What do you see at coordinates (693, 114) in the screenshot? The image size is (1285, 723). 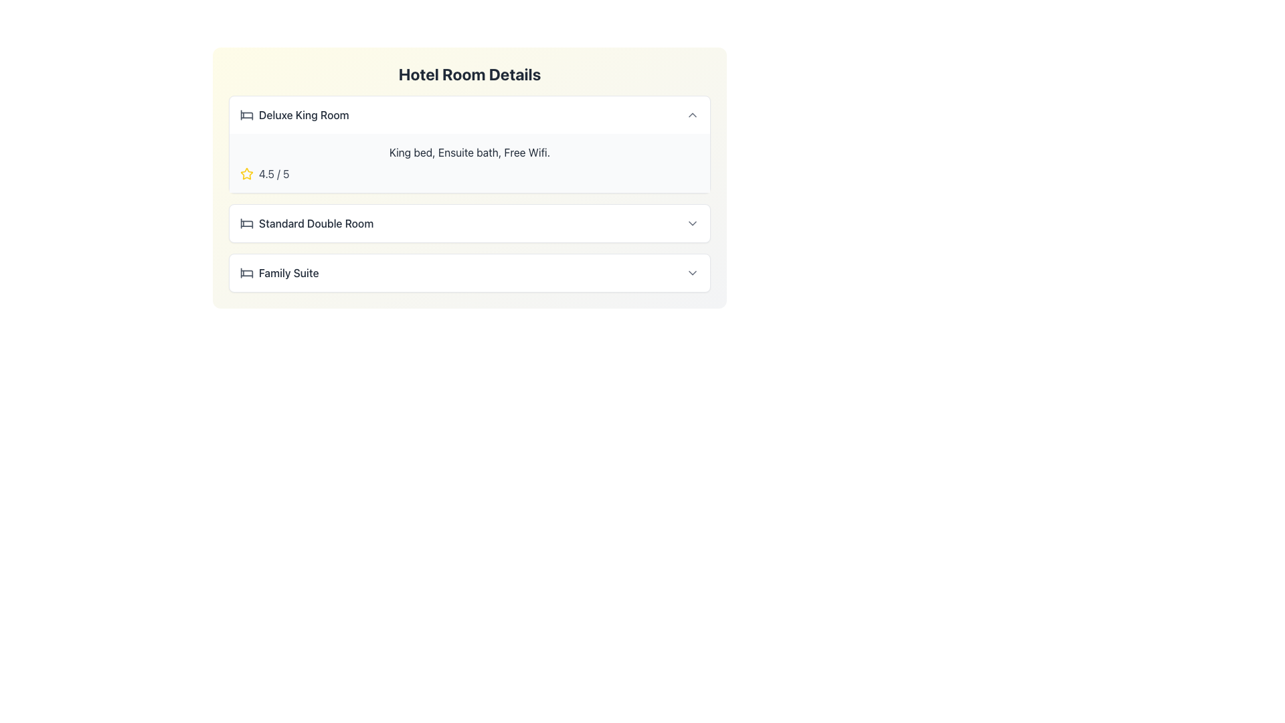 I see `the upward-pointing chevron icon located at the right-hand side of the 'Deluxe King Room' section to elicit a visual response` at bounding box center [693, 114].